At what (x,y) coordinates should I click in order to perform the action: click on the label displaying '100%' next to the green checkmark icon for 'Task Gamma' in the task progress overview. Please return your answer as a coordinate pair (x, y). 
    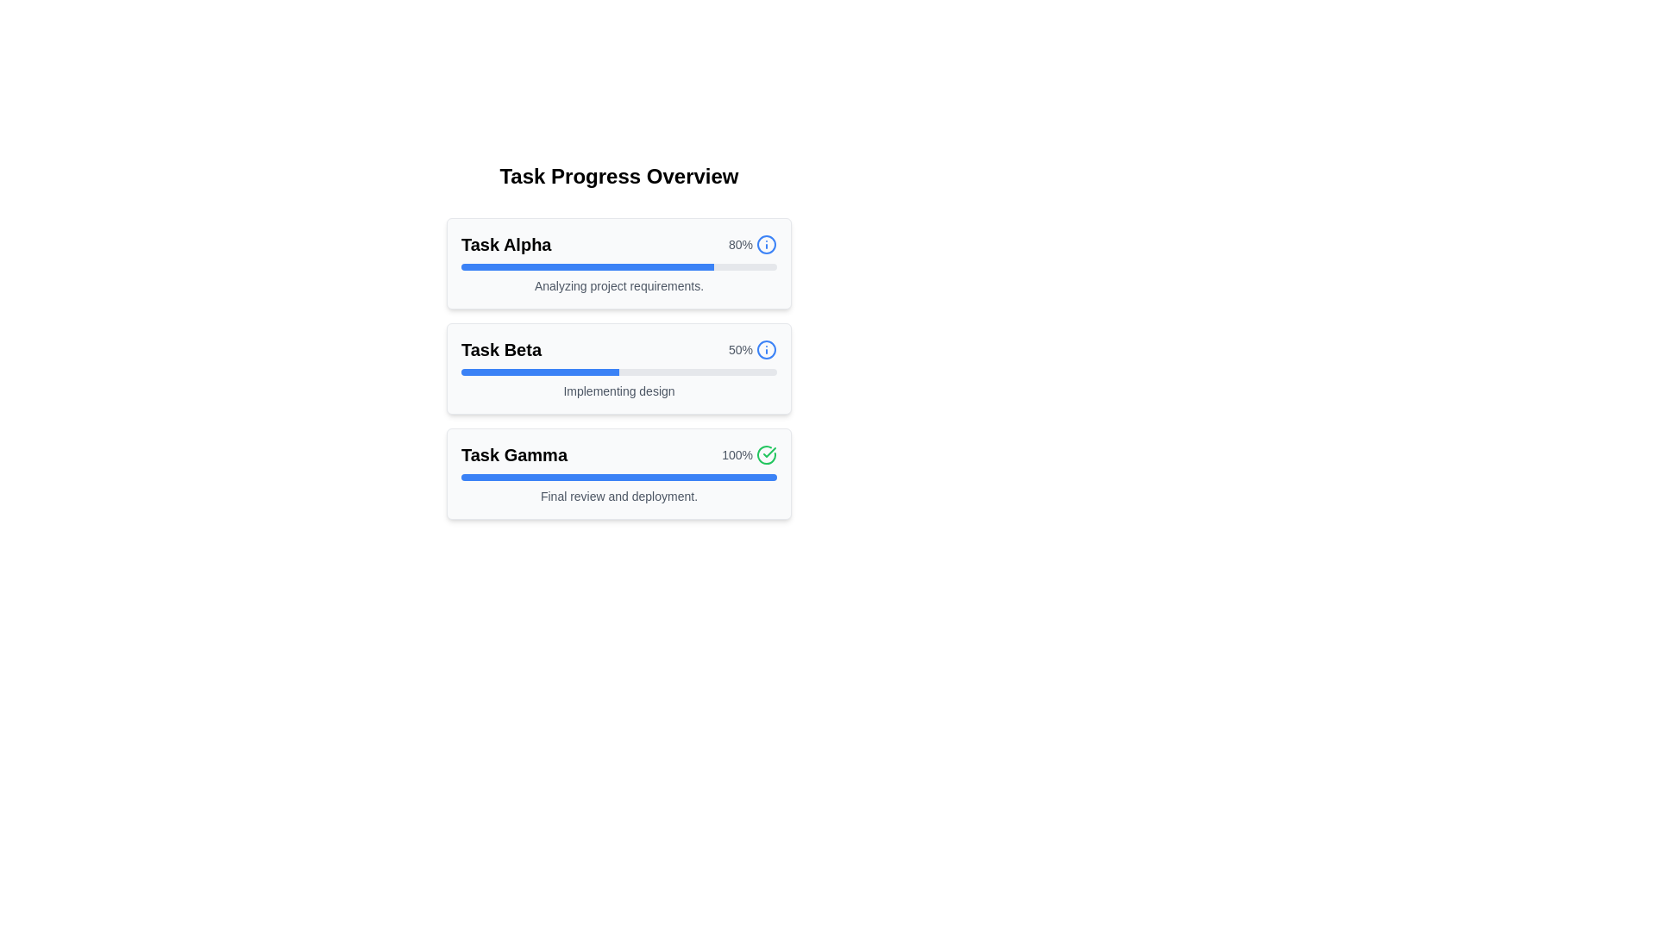
    Looking at the image, I should click on (737, 454).